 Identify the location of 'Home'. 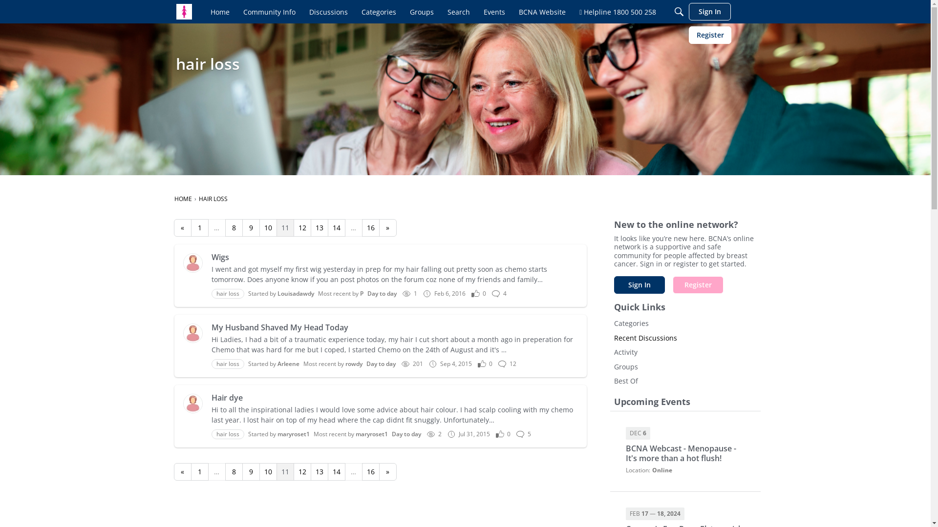
(219, 11).